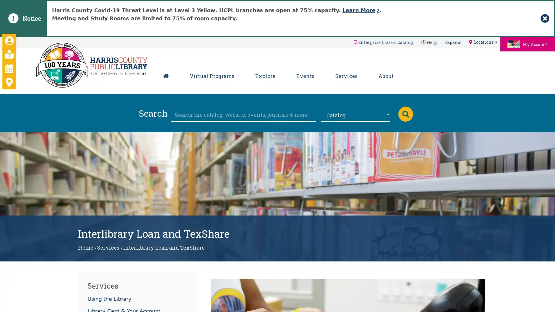  Describe the element at coordinates (405, 114) in the screenshot. I see `Search` at that location.